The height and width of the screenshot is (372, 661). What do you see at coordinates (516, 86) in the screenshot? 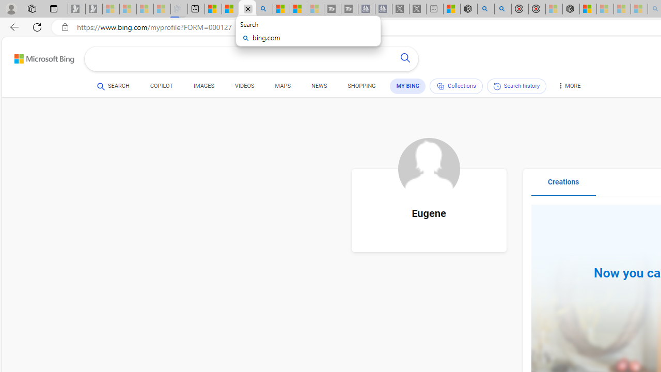
I see `'Search history'` at bounding box center [516, 86].